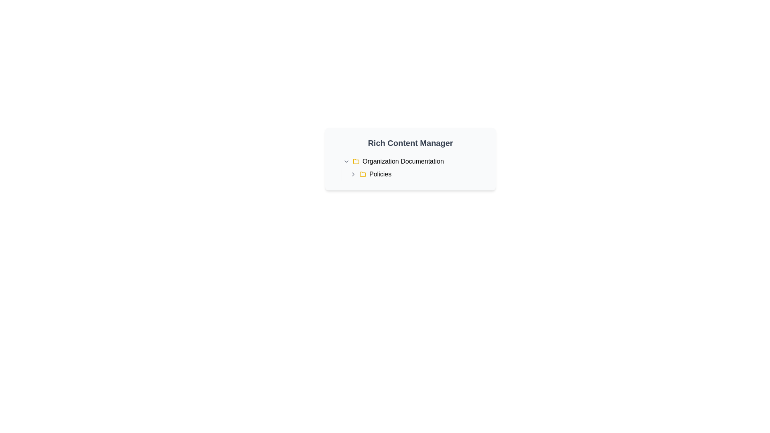  Describe the element at coordinates (414, 161) in the screenshot. I see `the 'Organization Documentation' list item, which is styled as a compact row with a yellow folder icon on the left` at that location.